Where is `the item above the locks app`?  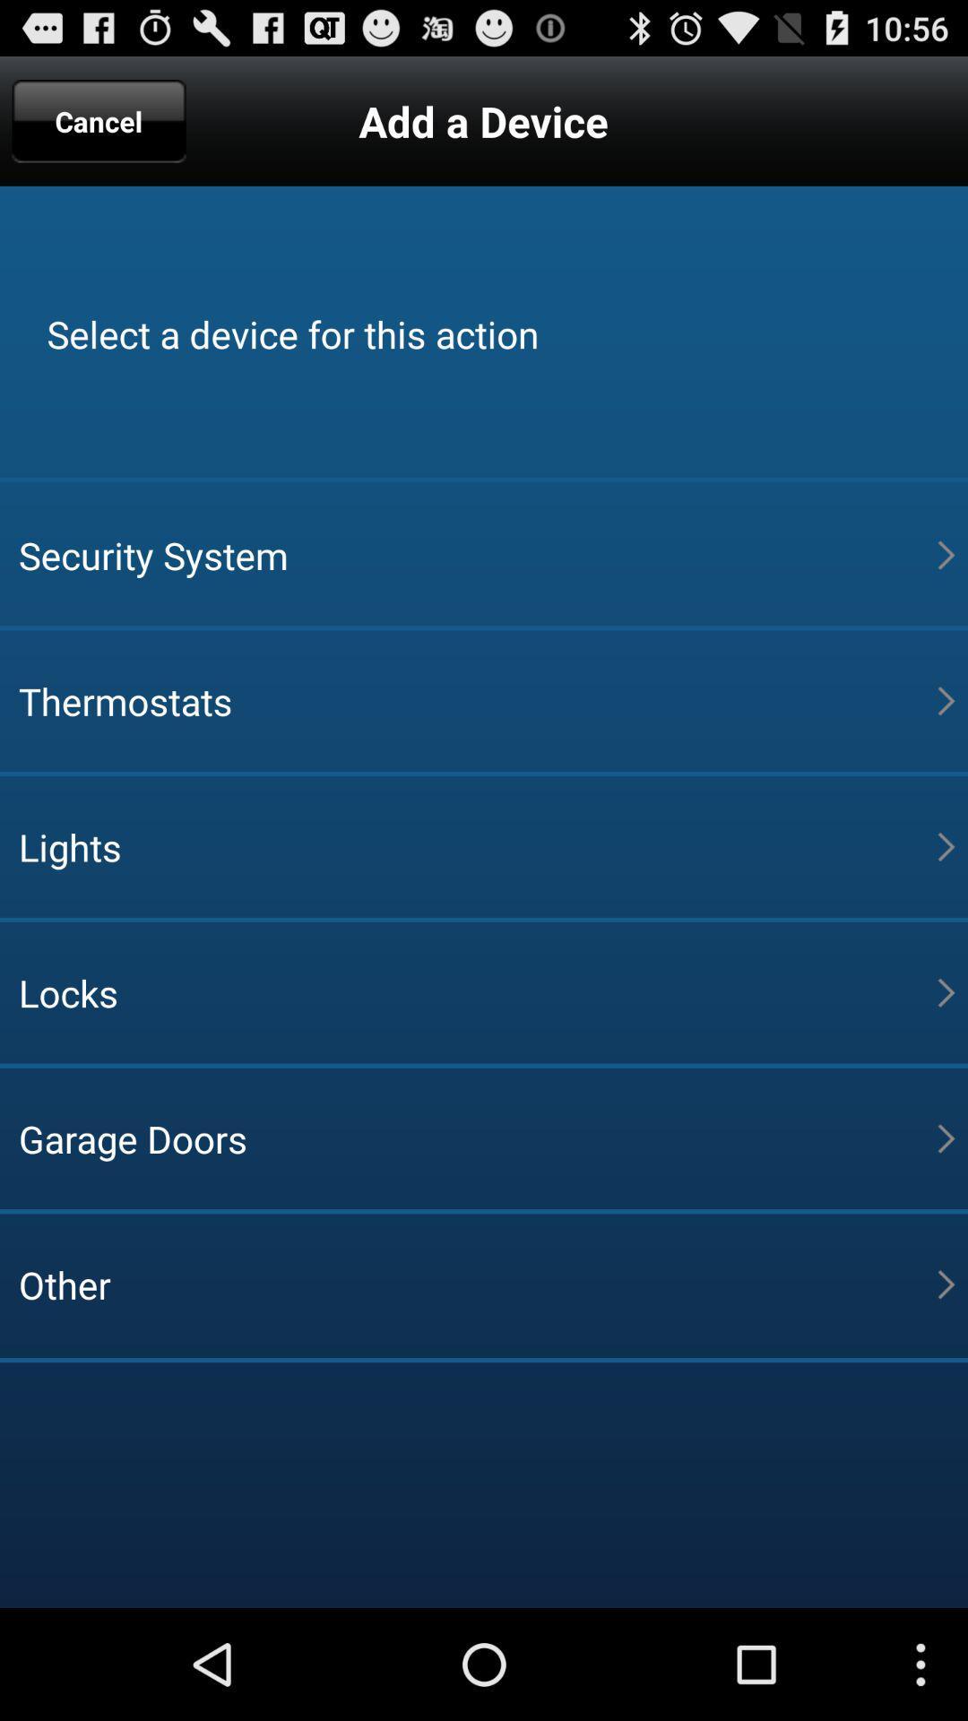 the item above the locks app is located at coordinates (477, 846).